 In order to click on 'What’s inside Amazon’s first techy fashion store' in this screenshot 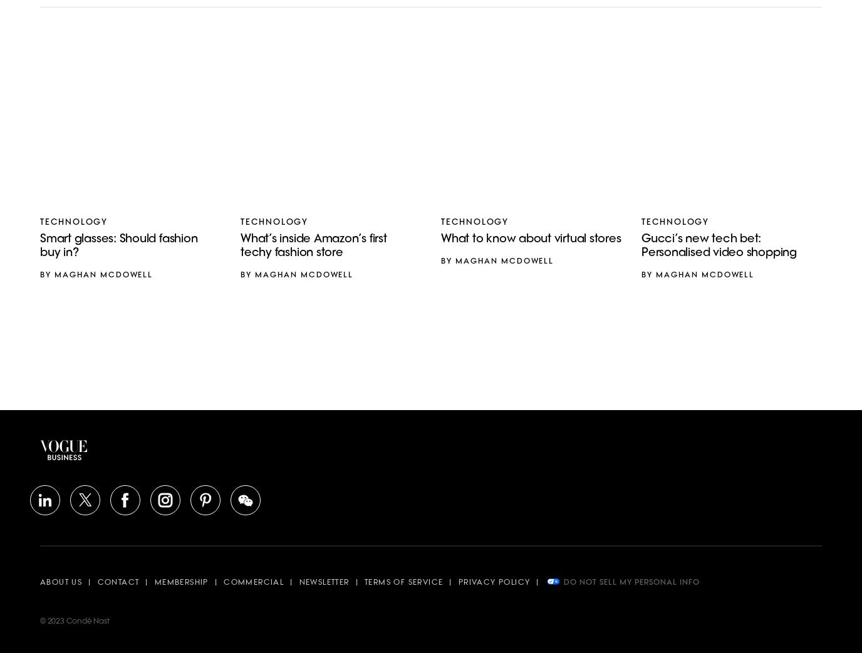, I will do `click(313, 246)`.